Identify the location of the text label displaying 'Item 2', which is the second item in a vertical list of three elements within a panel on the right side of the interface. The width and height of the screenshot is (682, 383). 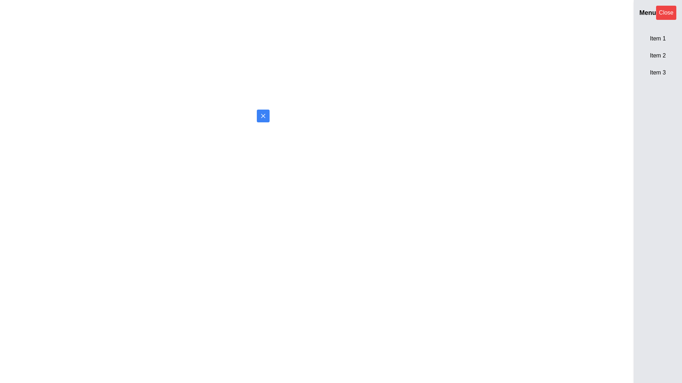
(657, 55).